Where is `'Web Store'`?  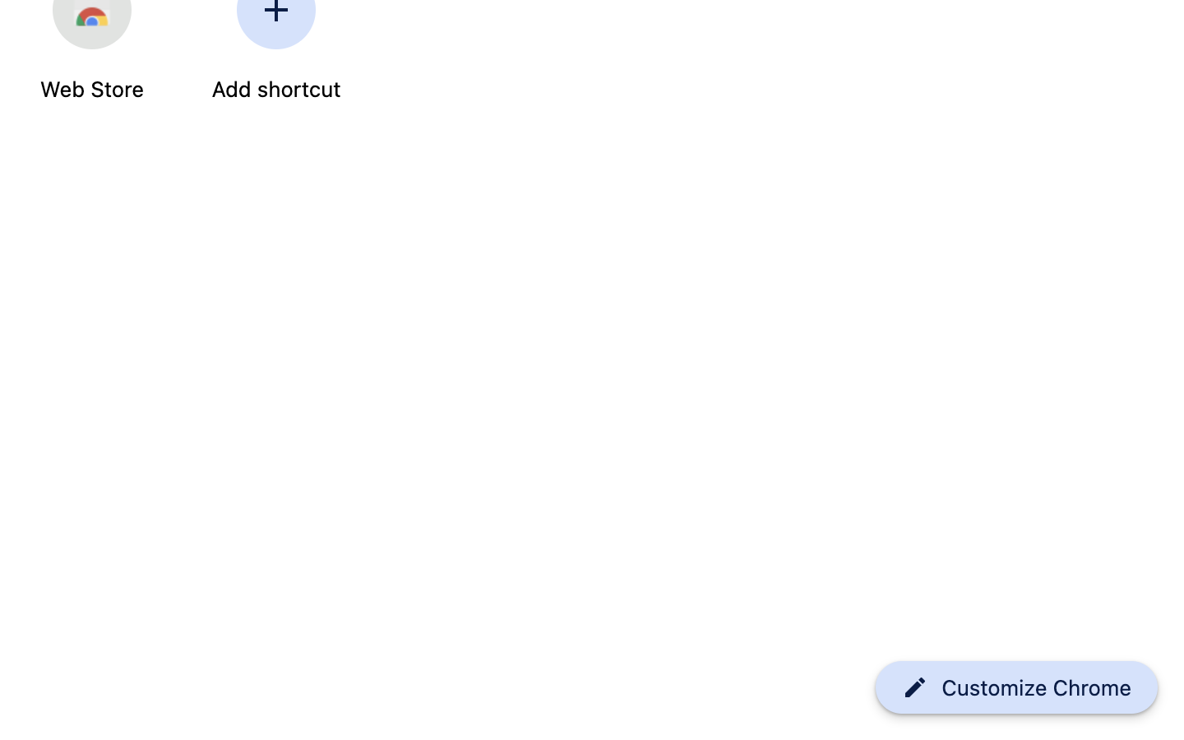 'Web Store' is located at coordinates (92, 88).